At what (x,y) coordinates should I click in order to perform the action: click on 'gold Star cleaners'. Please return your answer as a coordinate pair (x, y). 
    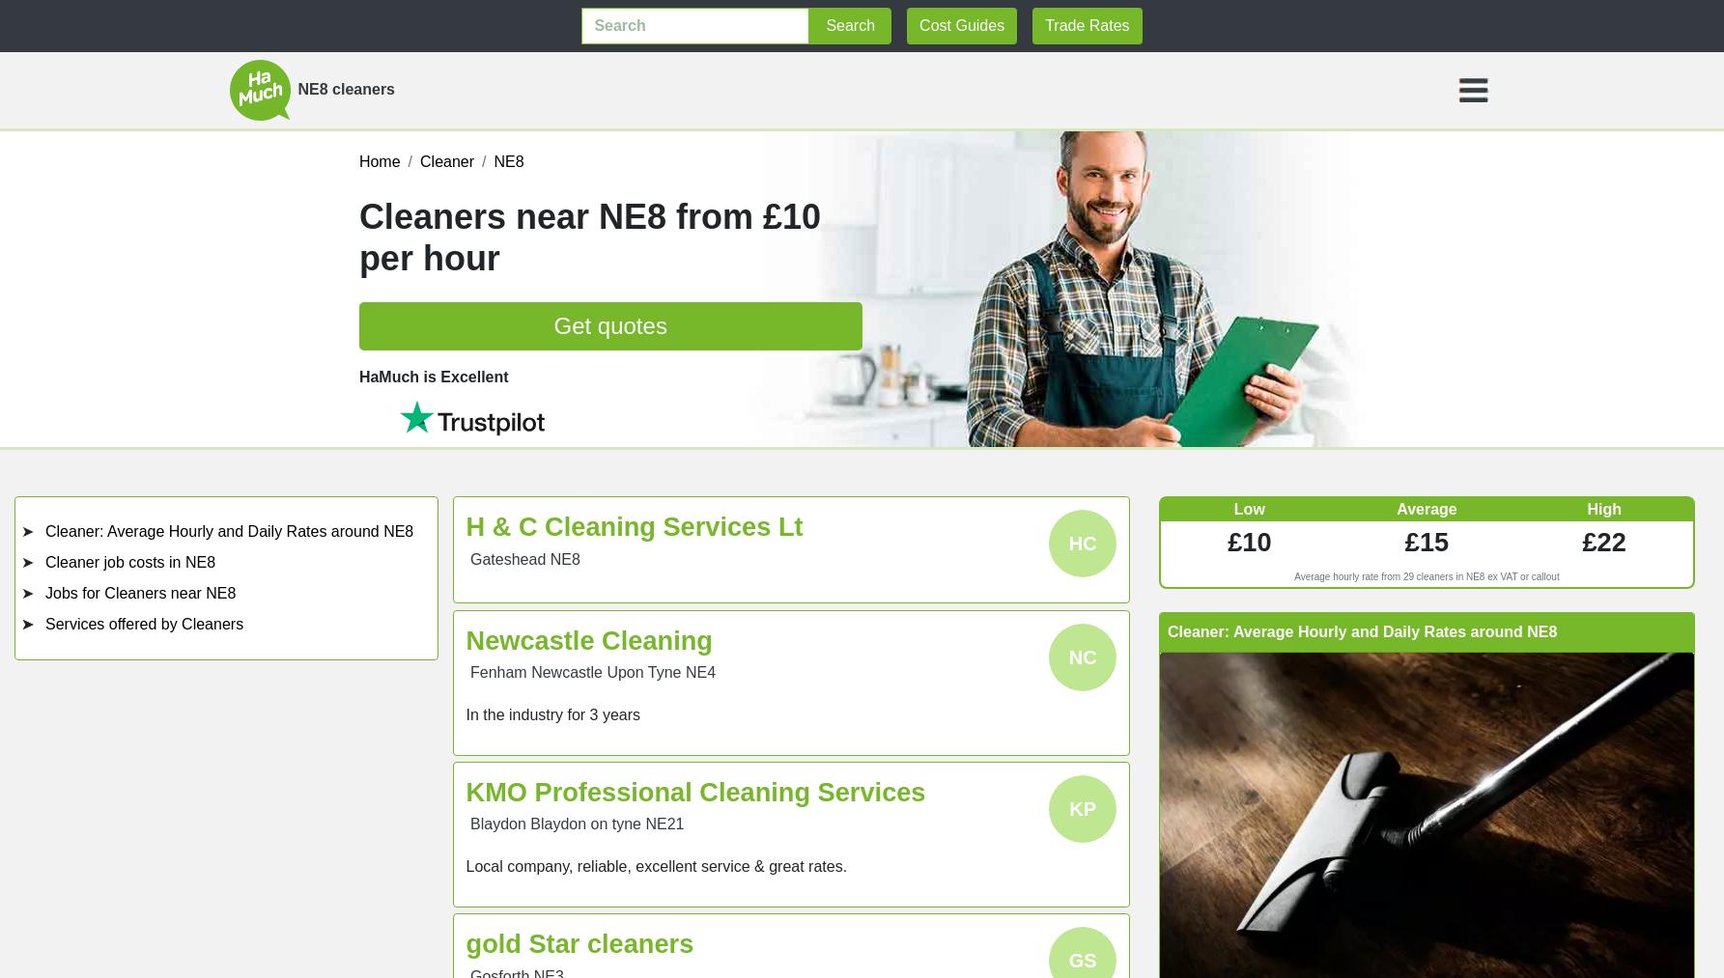
    Looking at the image, I should click on (579, 943).